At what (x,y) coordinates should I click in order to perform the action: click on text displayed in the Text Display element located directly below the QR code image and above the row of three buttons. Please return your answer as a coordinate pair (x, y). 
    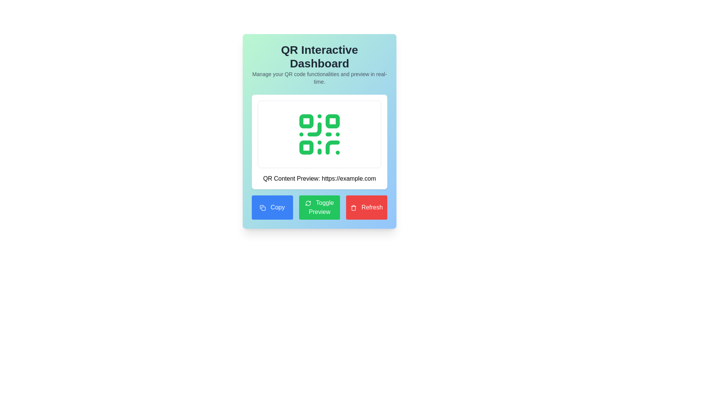
    Looking at the image, I should click on (320, 178).